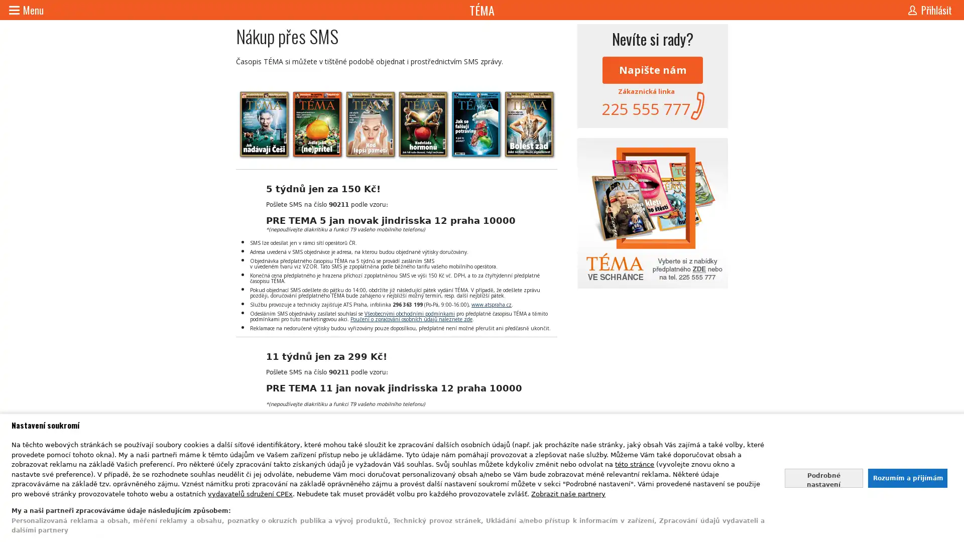 Image resolution: width=964 pixels, height=542 pixels. What do you see at coordinates (823, 477) in the screenshot?
I see `Nastavte sve souhlasy` at bounding box center [823, 477].